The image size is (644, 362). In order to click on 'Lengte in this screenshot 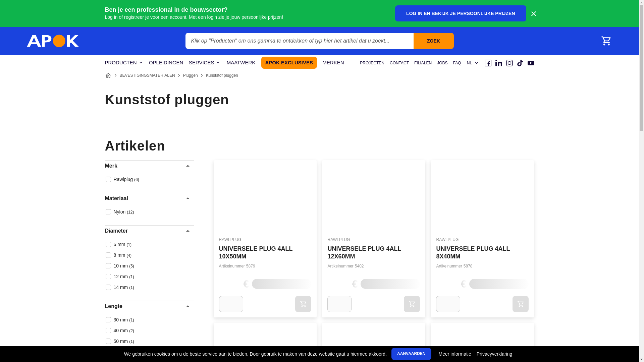, I will do `click(149, 306)`.